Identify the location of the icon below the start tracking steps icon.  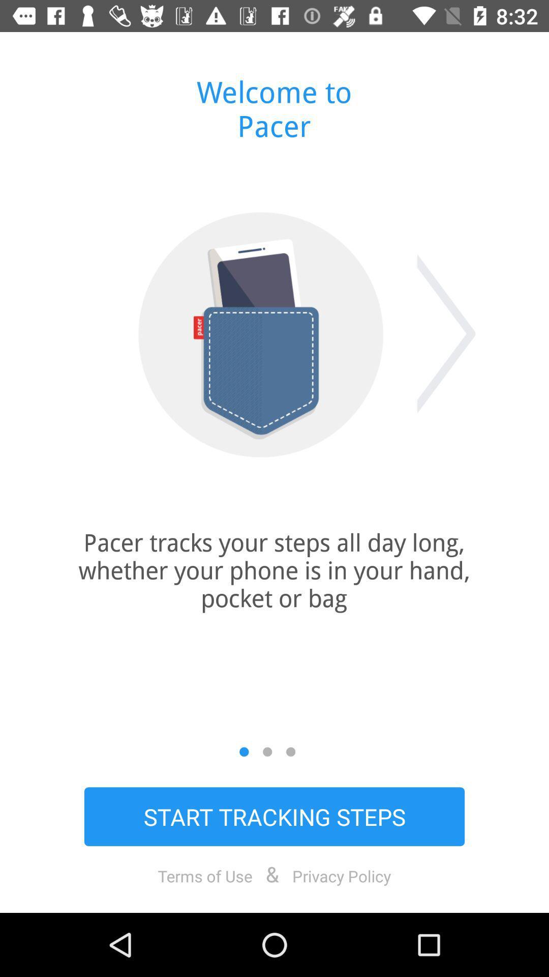
(342, 875).